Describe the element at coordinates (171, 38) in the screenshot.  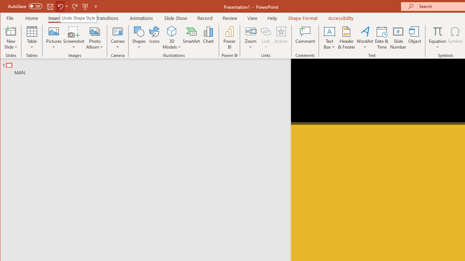
I see `'3D Models'` at that location.